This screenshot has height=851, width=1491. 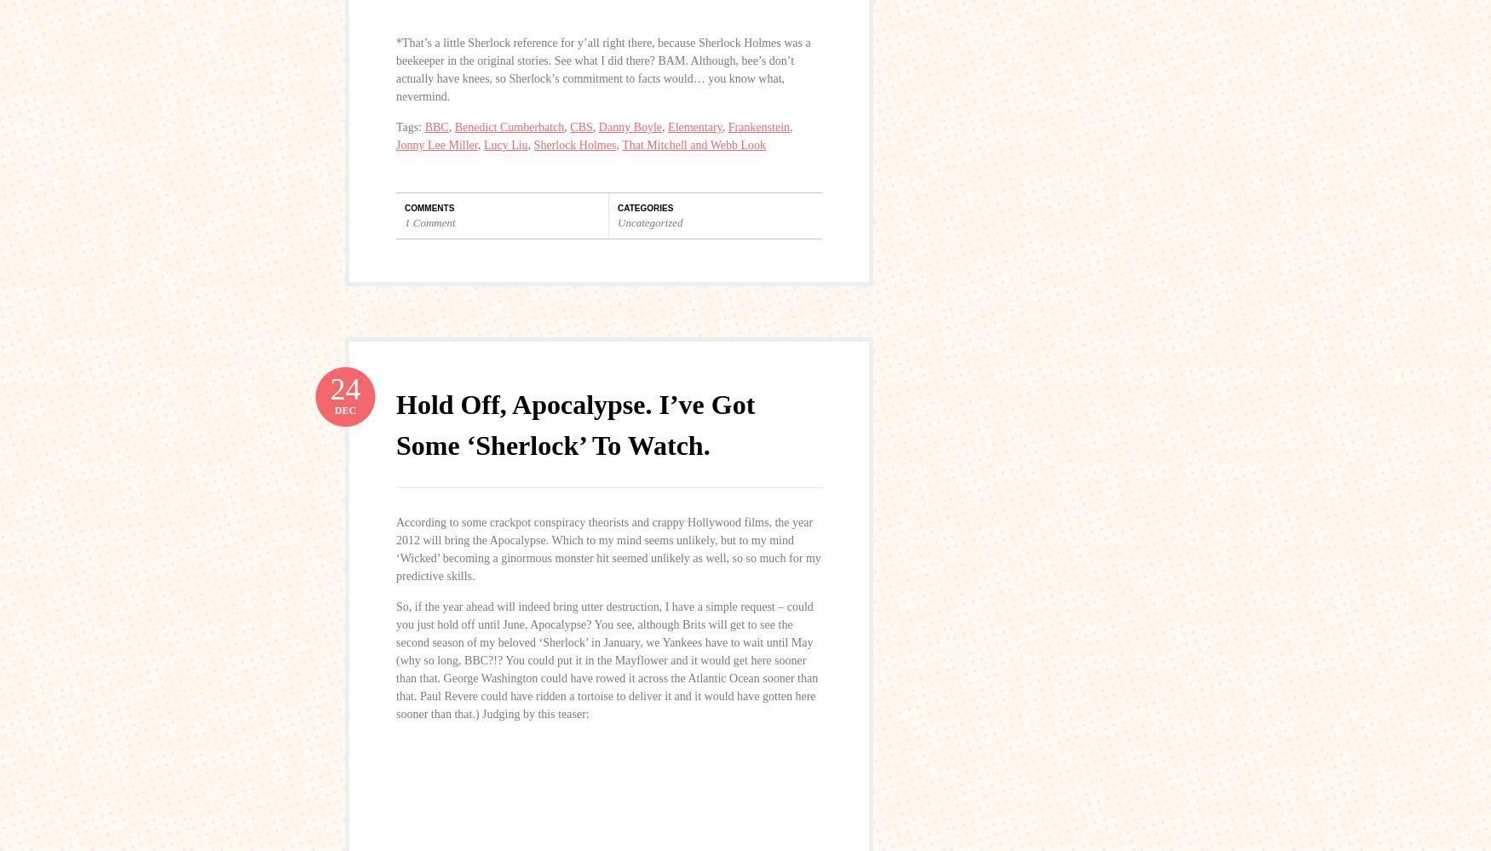 I want to click on 'Benedict Cumberbatch', so click(x=509, y=127).